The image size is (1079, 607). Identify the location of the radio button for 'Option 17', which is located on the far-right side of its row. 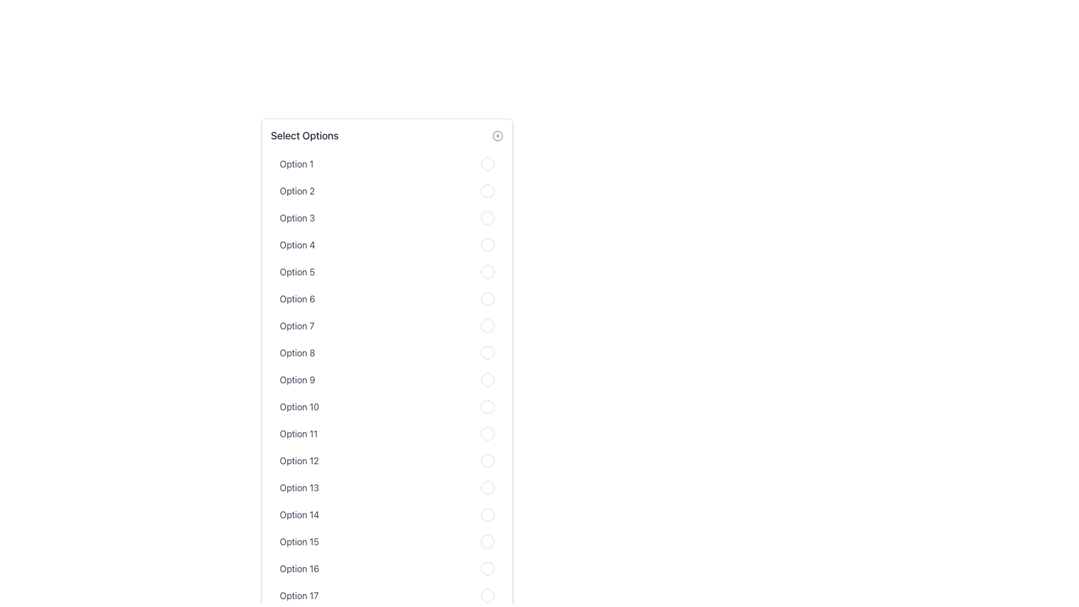
(488, 595).